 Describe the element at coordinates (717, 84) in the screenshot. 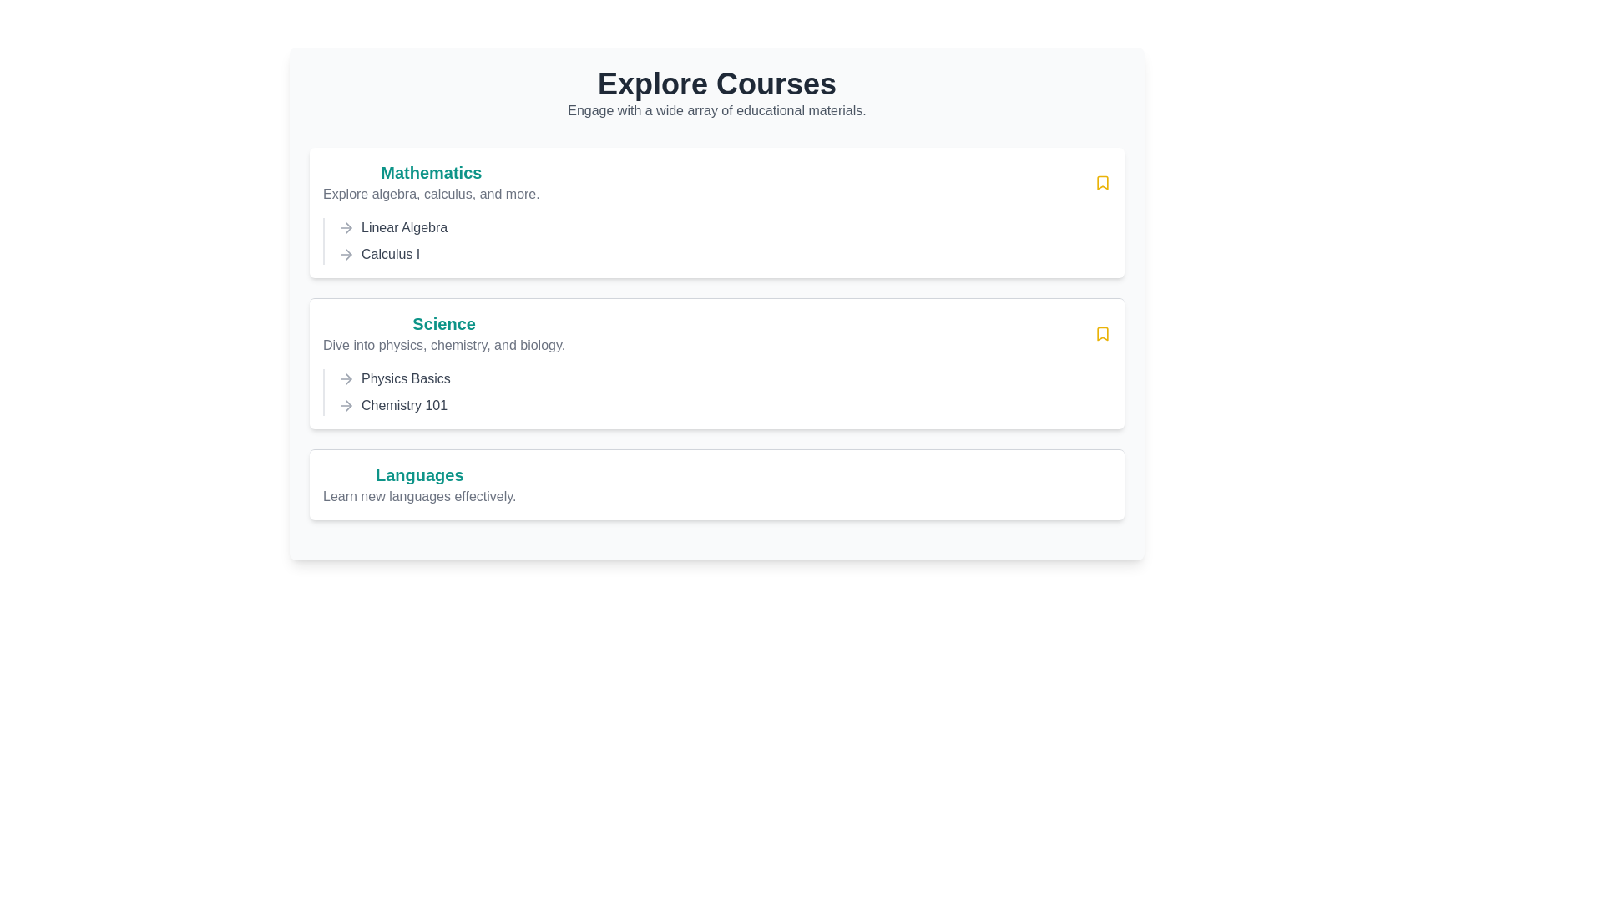

I see `the Text Header element located at the top-center of the interface, which serves as the main title for the section related to courses and educational materials` at that location.